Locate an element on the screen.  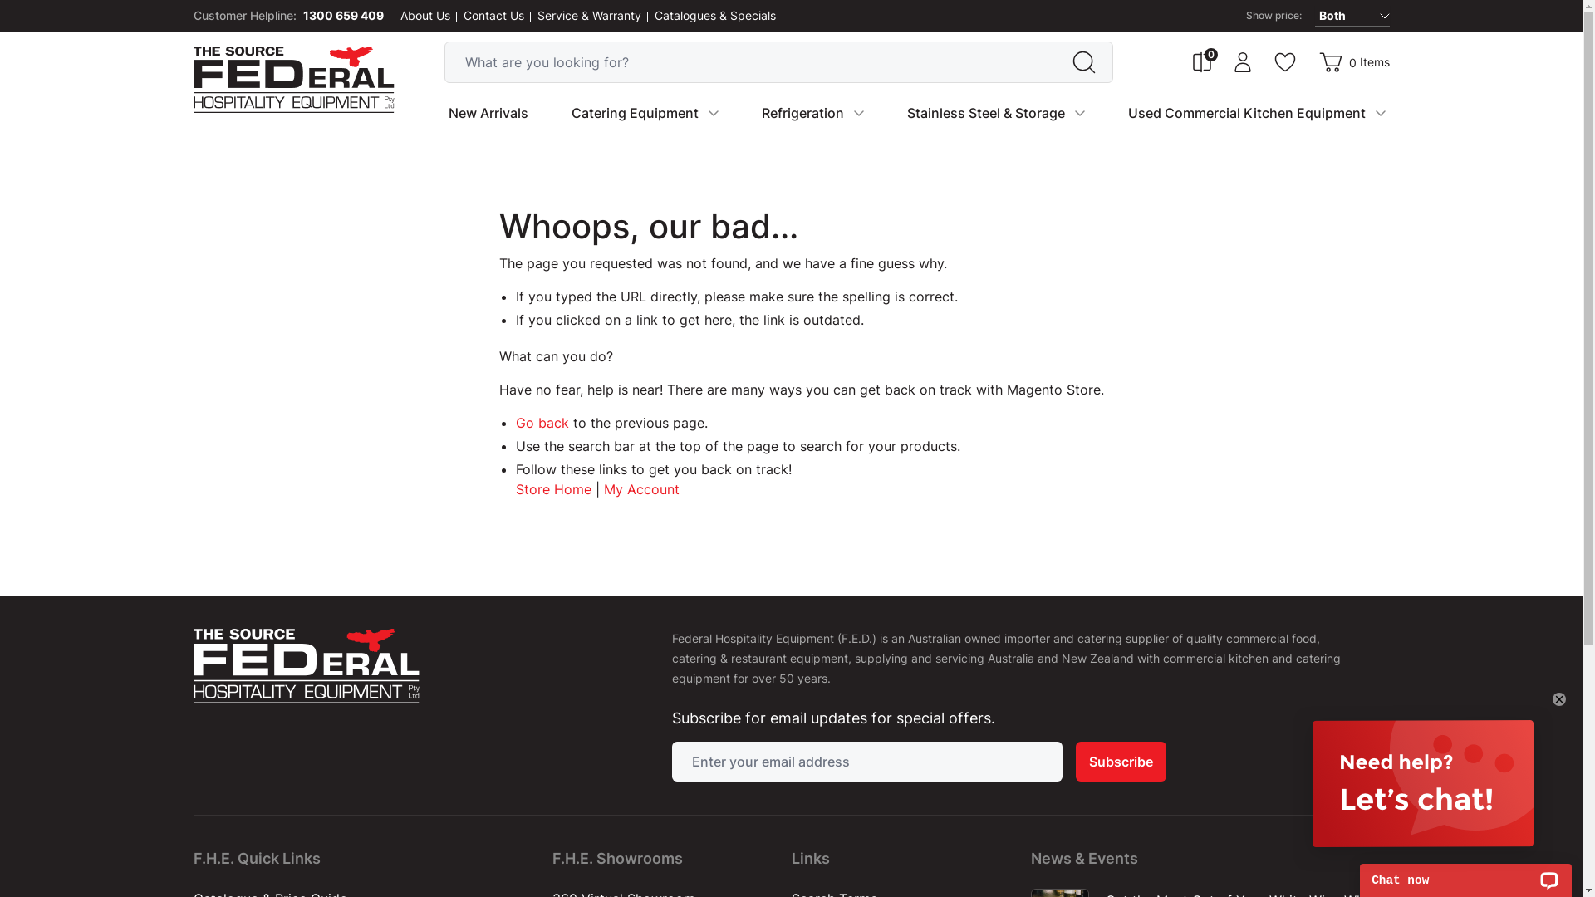
'1300 659 409' is located at coordinates (341, 15).